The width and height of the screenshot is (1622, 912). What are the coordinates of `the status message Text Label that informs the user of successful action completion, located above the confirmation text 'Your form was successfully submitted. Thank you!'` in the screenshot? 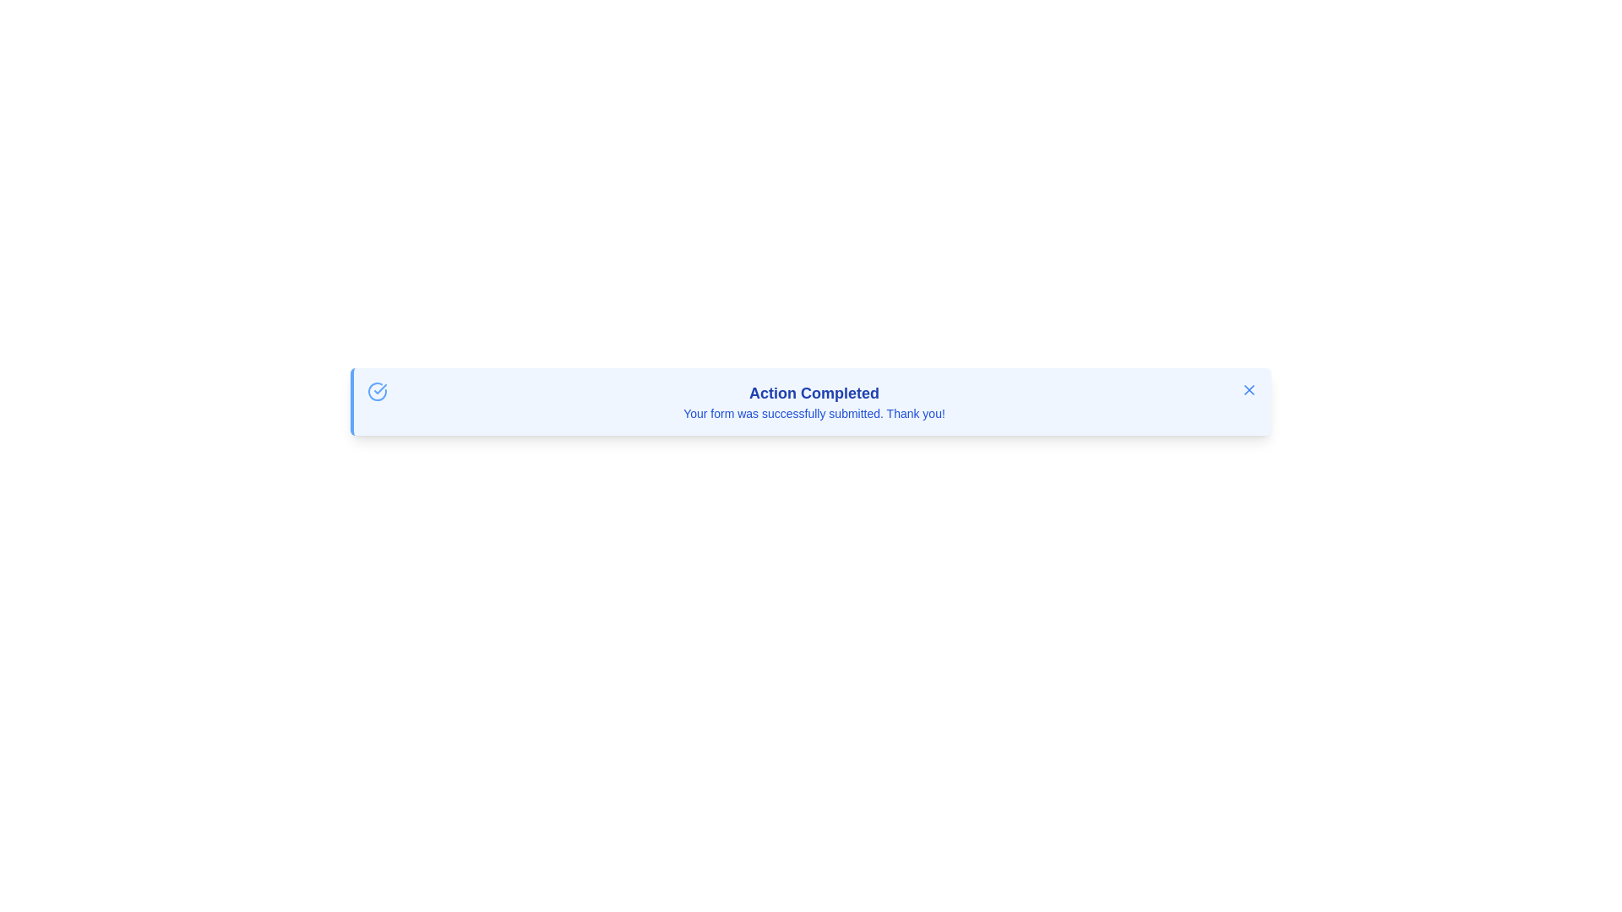 It's located at (814, 394).